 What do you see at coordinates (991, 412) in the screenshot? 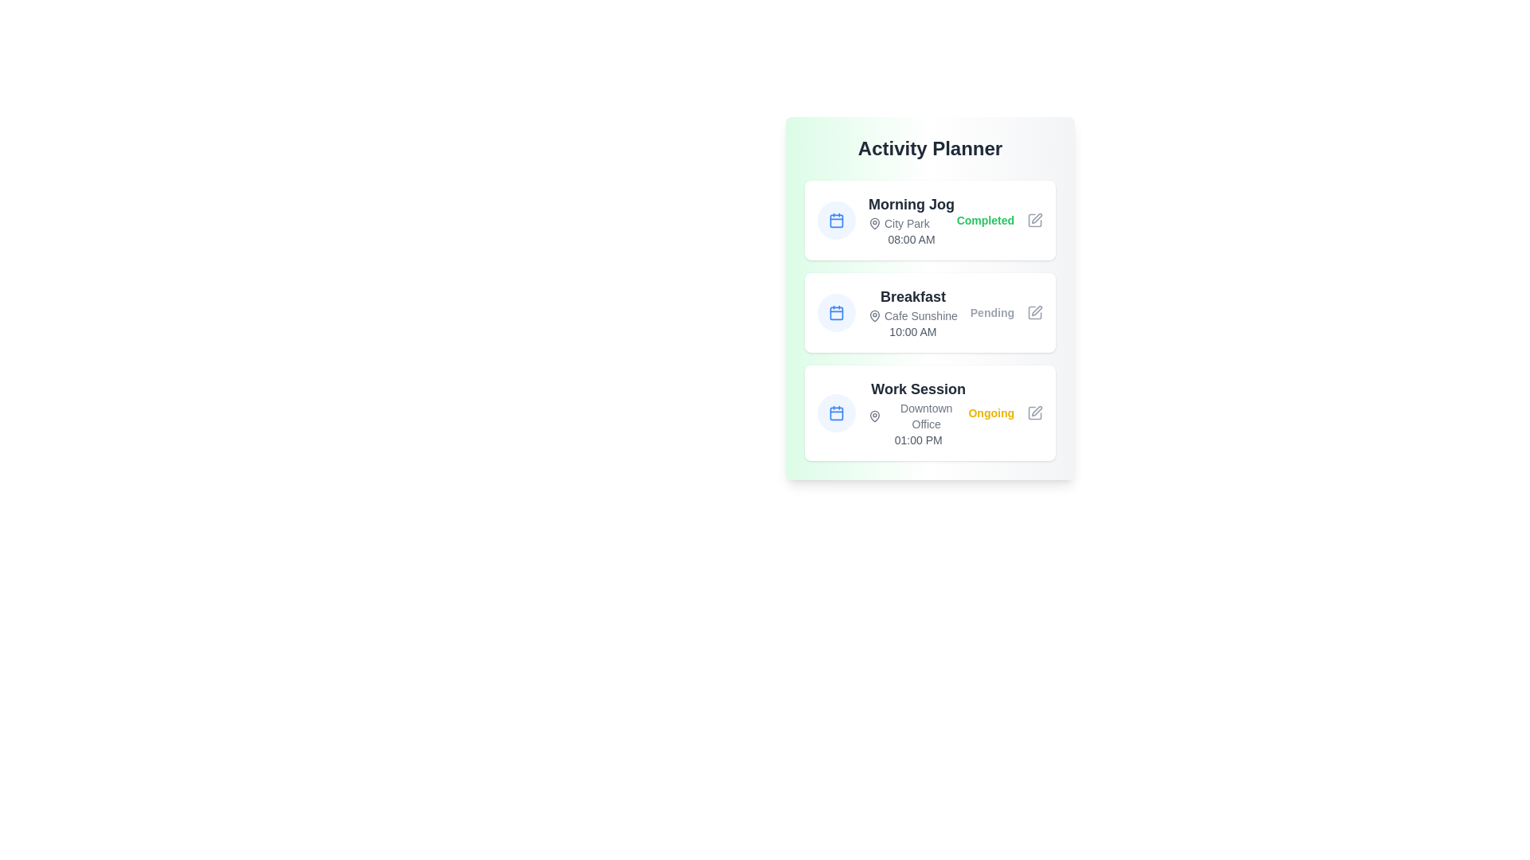
I see `the 'Ongoing' text label, which is bold and yellow-colored, located at the right edge of the 'Work Session' card` at bounding box center [991, 412].